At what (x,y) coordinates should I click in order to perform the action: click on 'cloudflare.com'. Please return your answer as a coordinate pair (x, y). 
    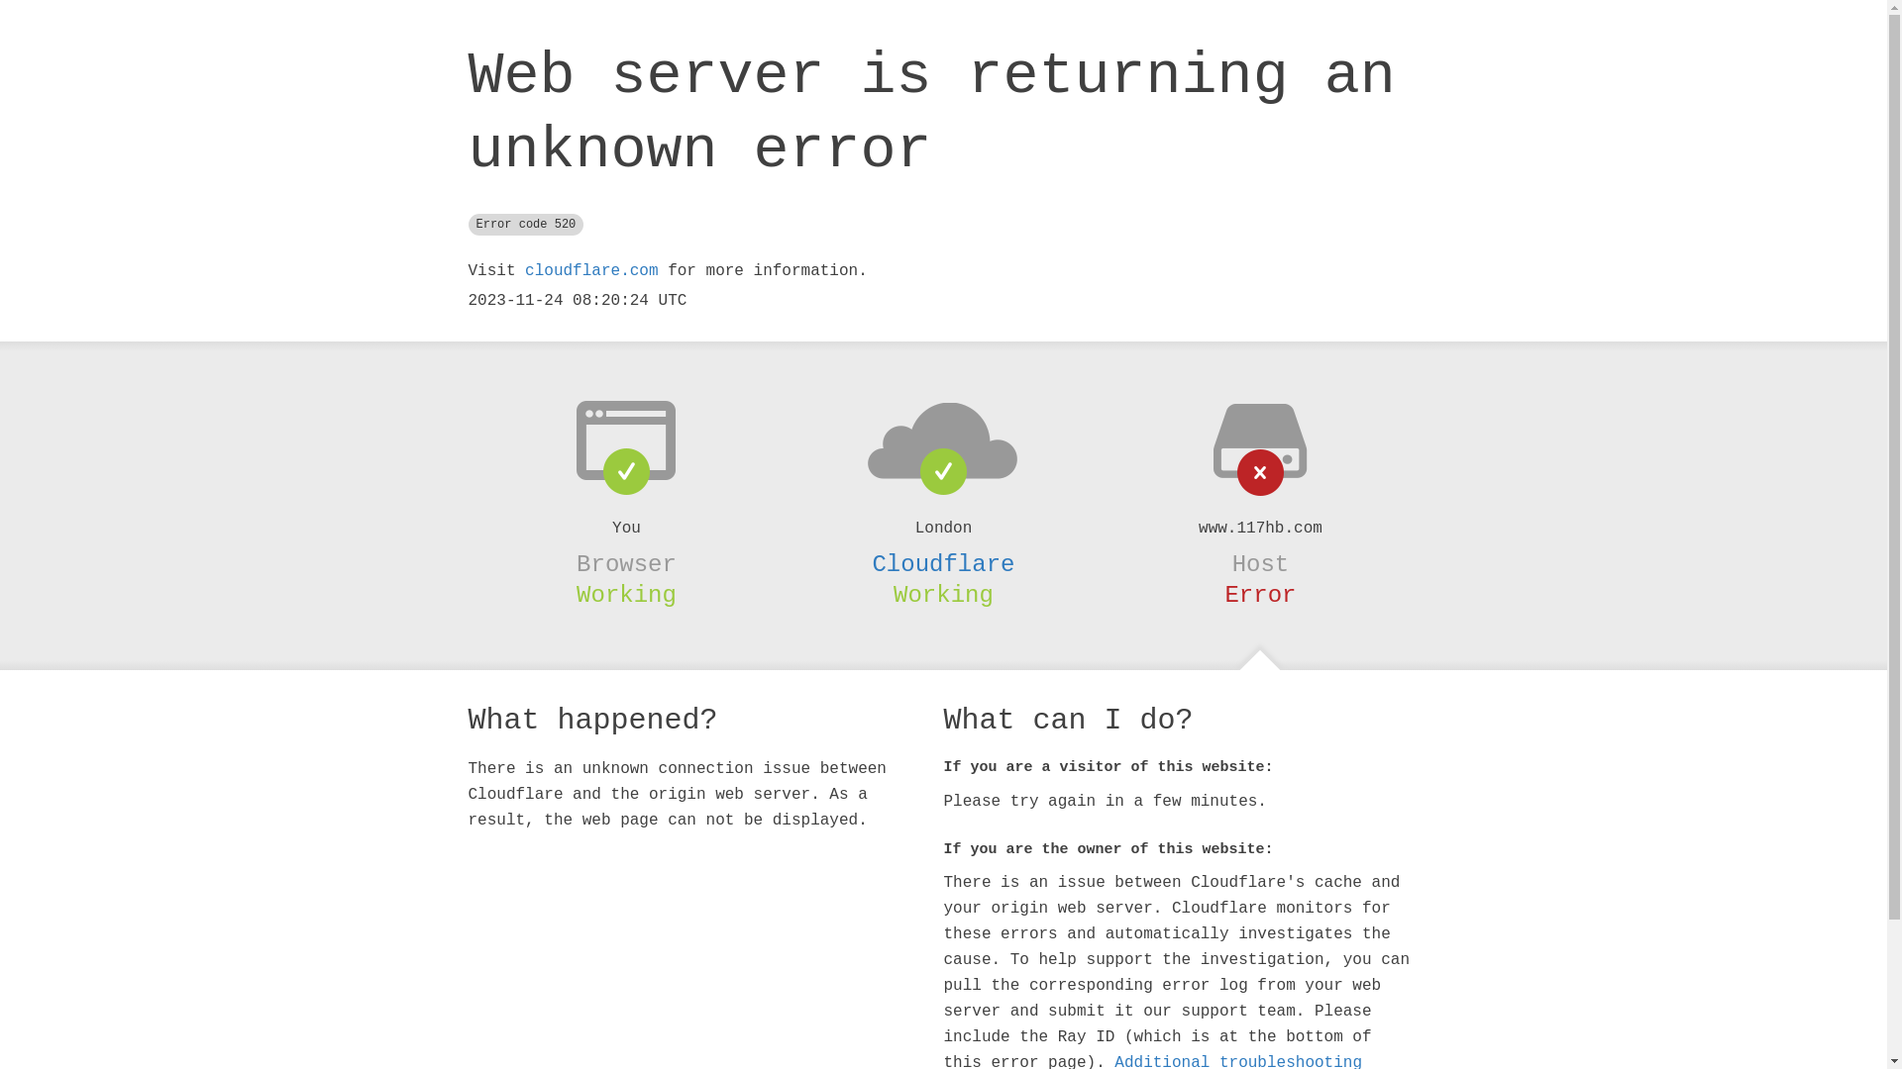
    Looking at the image, I should click on (589, 270).